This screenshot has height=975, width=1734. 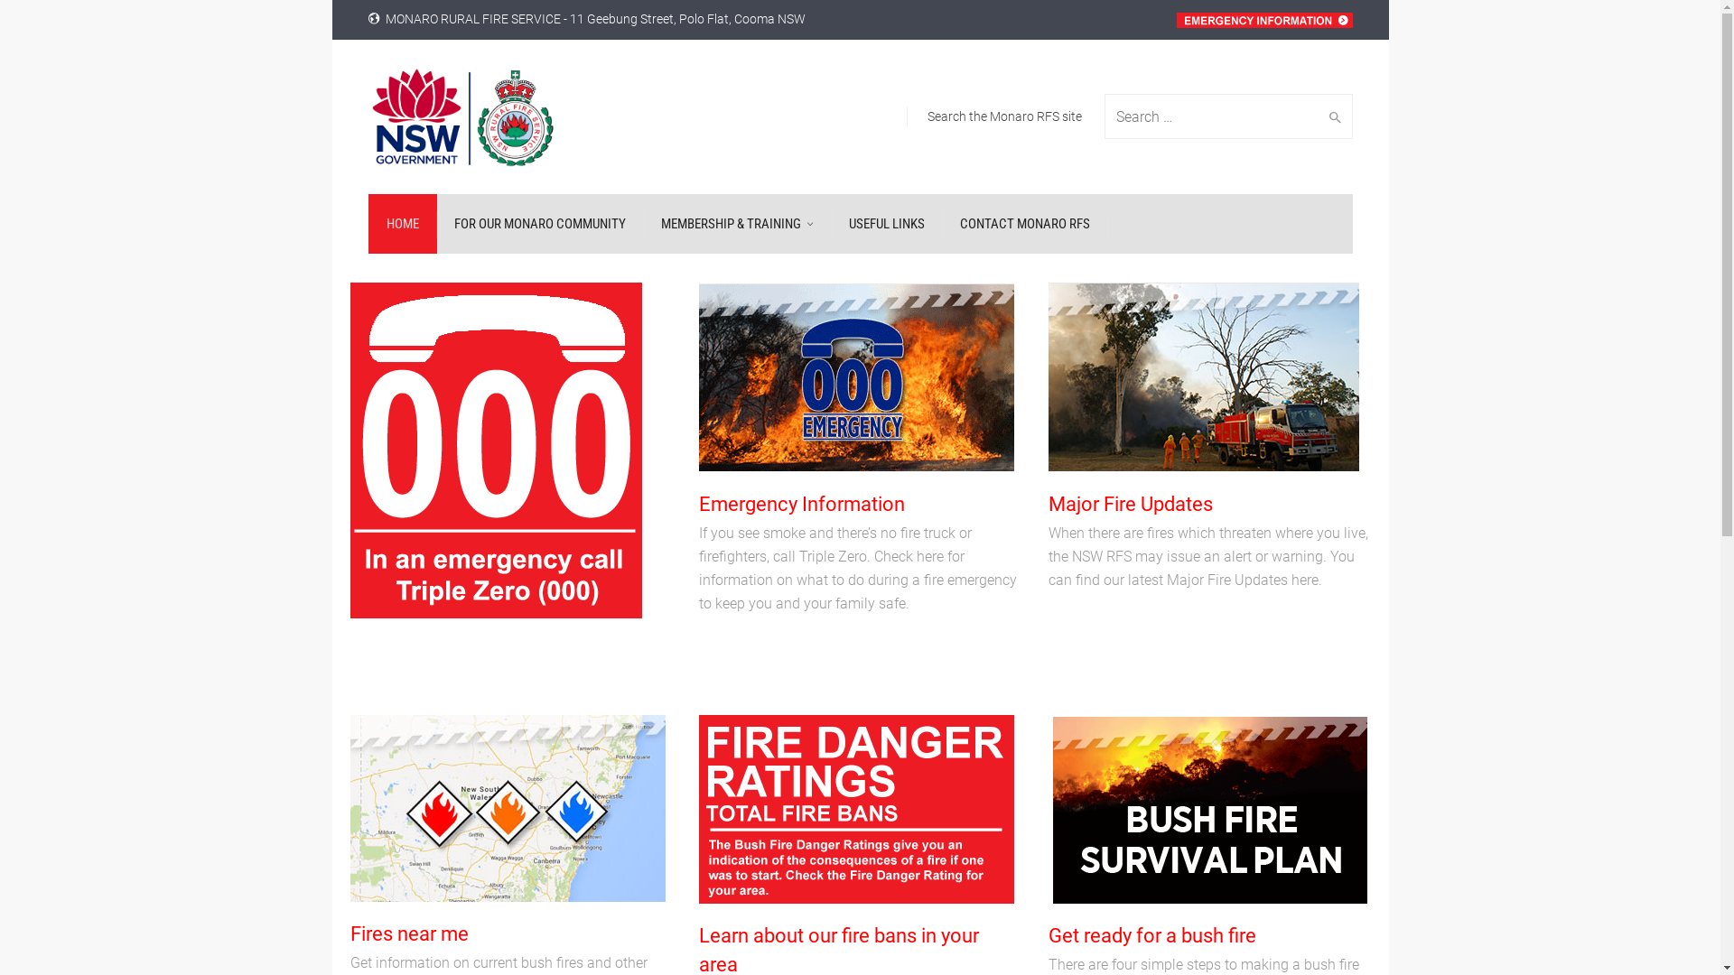 What do you see at coordinates (855, 808) in the screenshot?
I see `'Fire-Danger-Box'` at bounding box center [855, 808].